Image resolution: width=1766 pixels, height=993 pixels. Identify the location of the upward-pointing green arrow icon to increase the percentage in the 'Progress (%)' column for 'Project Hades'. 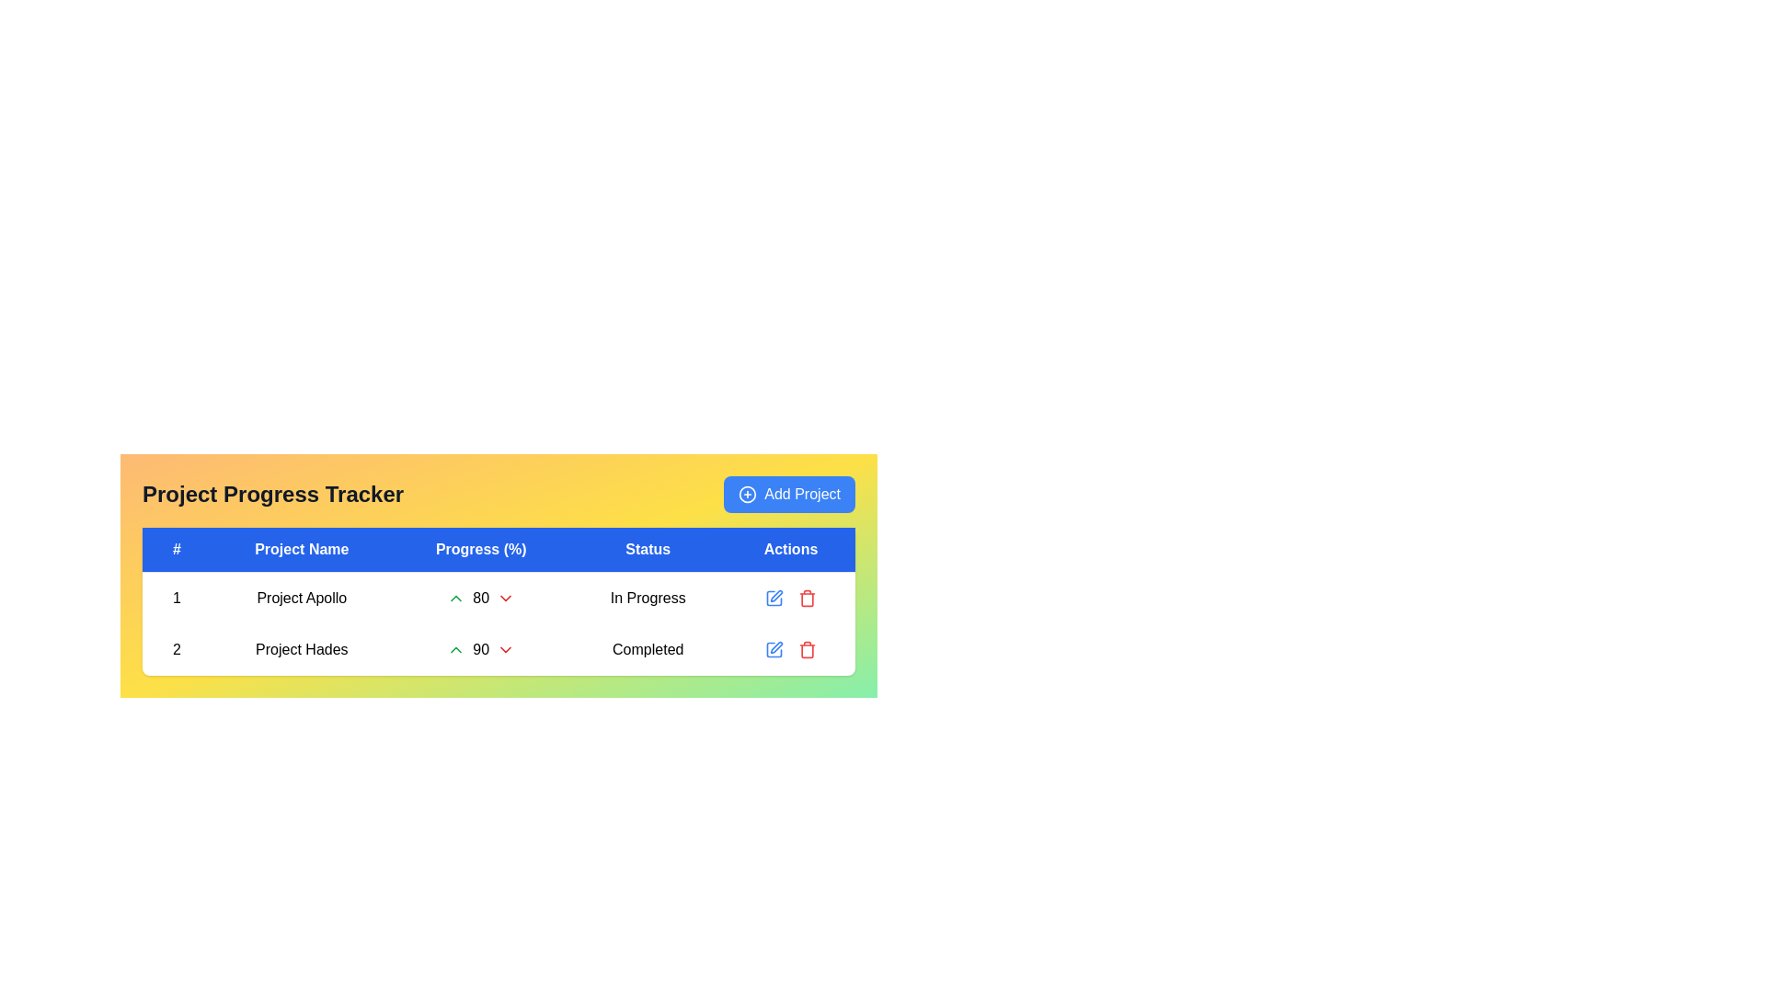
(481, 648).